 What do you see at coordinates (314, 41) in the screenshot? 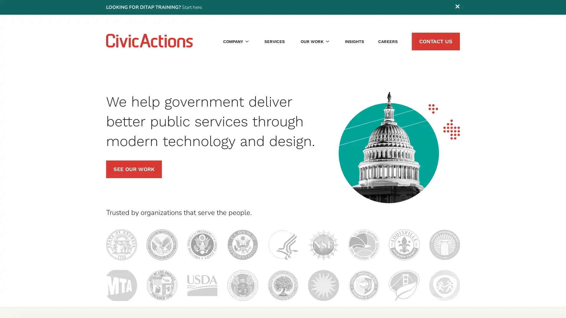
I see `OUR WORK` at bounding box center [314, 41].